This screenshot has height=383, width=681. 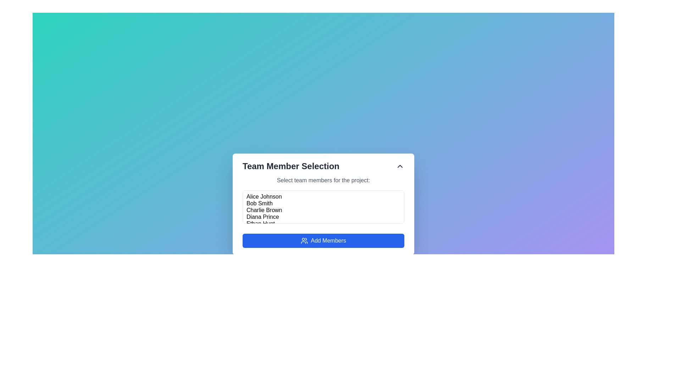 What do you see at coordinates (323, 240) in the screenshot?
I see `the button located at the bottom of the 'Team Member Selection' card` at bounding box center [323, 240].